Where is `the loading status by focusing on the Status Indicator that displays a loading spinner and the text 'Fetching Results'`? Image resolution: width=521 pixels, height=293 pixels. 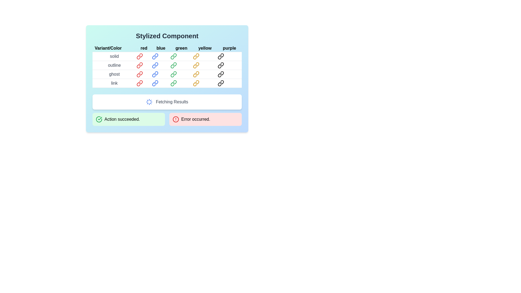 the loading status by focusing on the Status Indicator that displays a loading spinner and the text 'Fetching Results' is located at coordinates (167, 102).